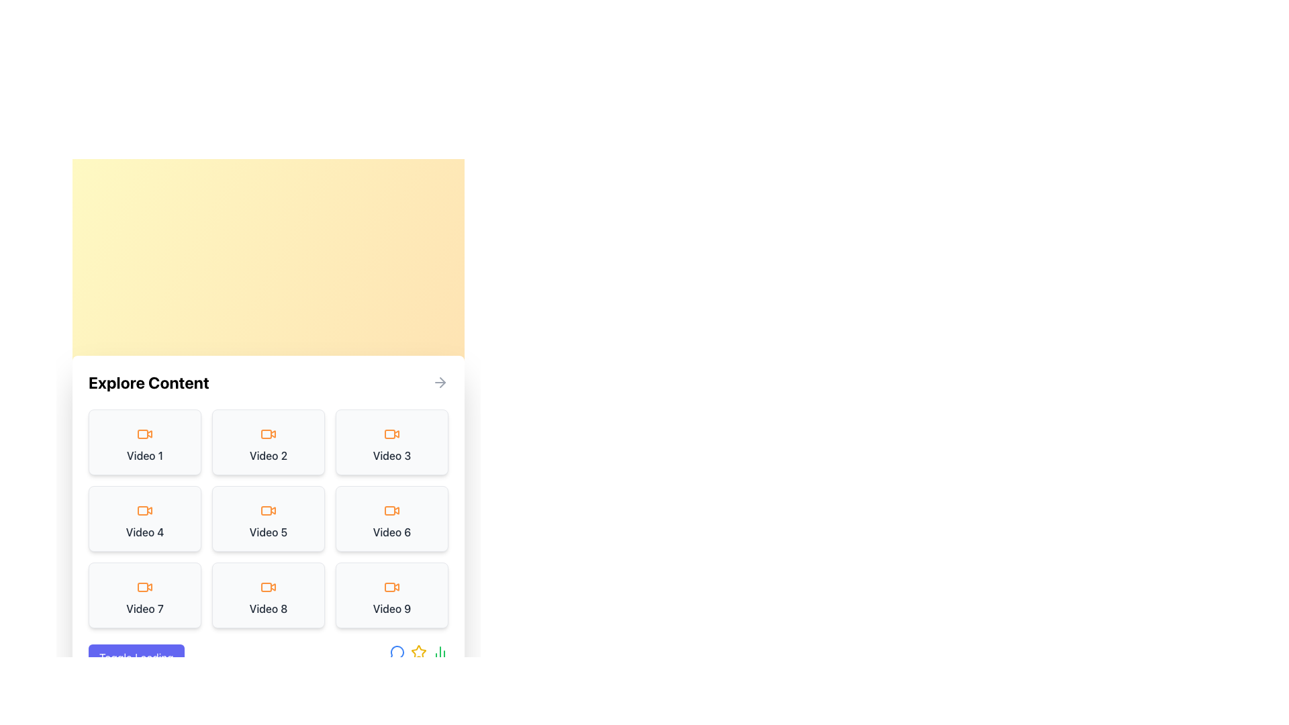 The height and width of the screenshot is (725, 1289). Describe the element at coordinates (268, 657) in the screenshot. I see `the loading toggle button located in the 'Explore Content' section at the bottom left` at that location.